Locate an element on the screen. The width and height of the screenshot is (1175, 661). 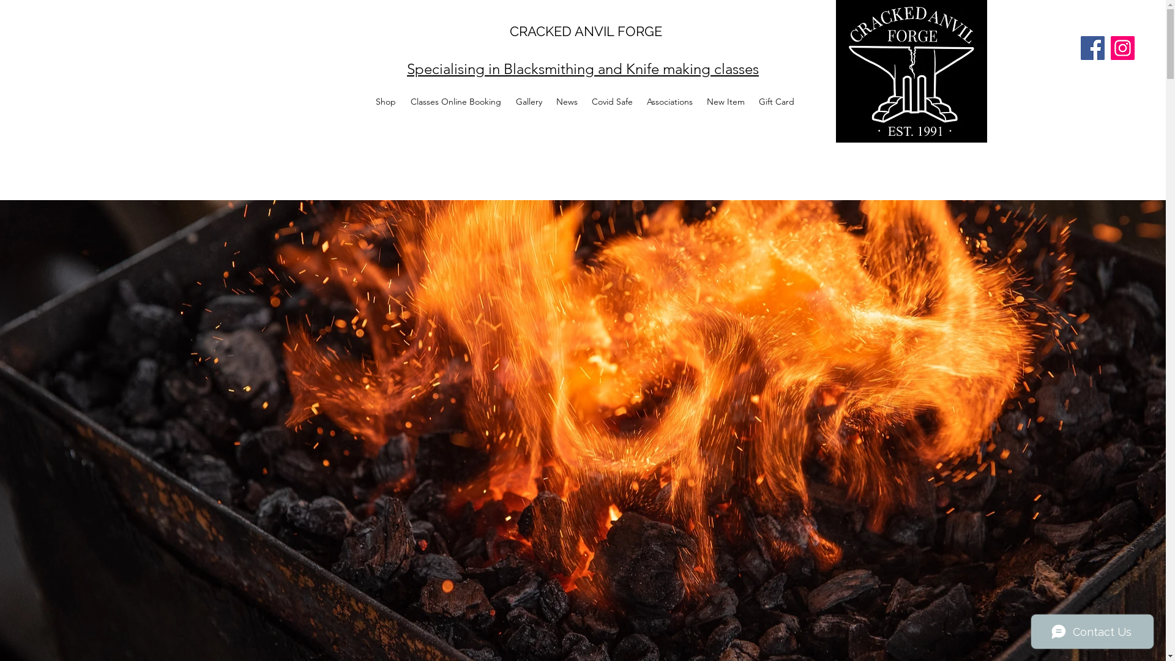
'Shop' is located at coordinates (385, 100).